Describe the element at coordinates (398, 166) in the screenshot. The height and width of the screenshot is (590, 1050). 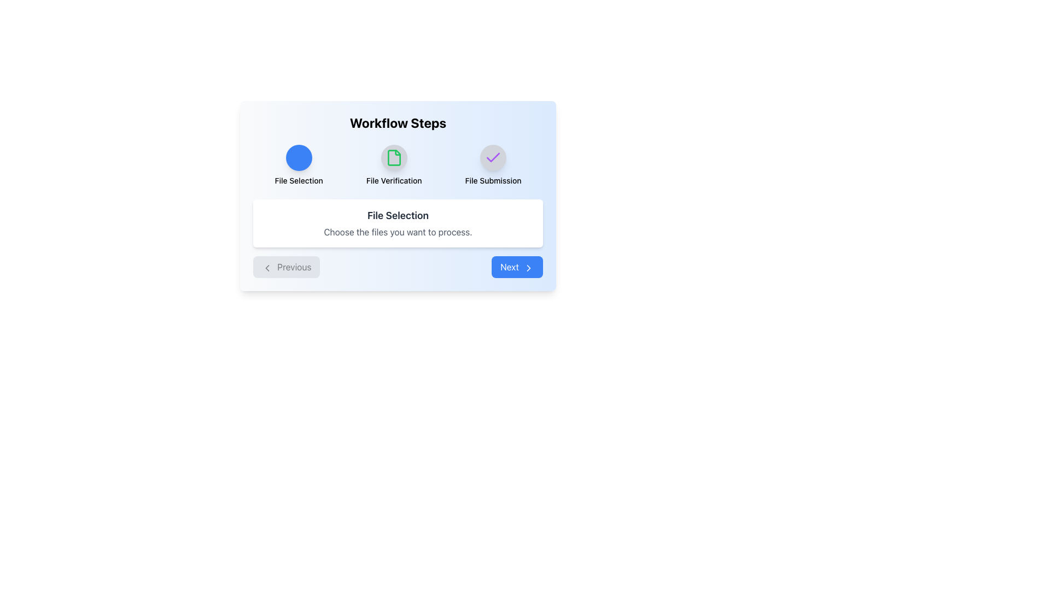
I see `the Workflow Progress Indicator` at that location.